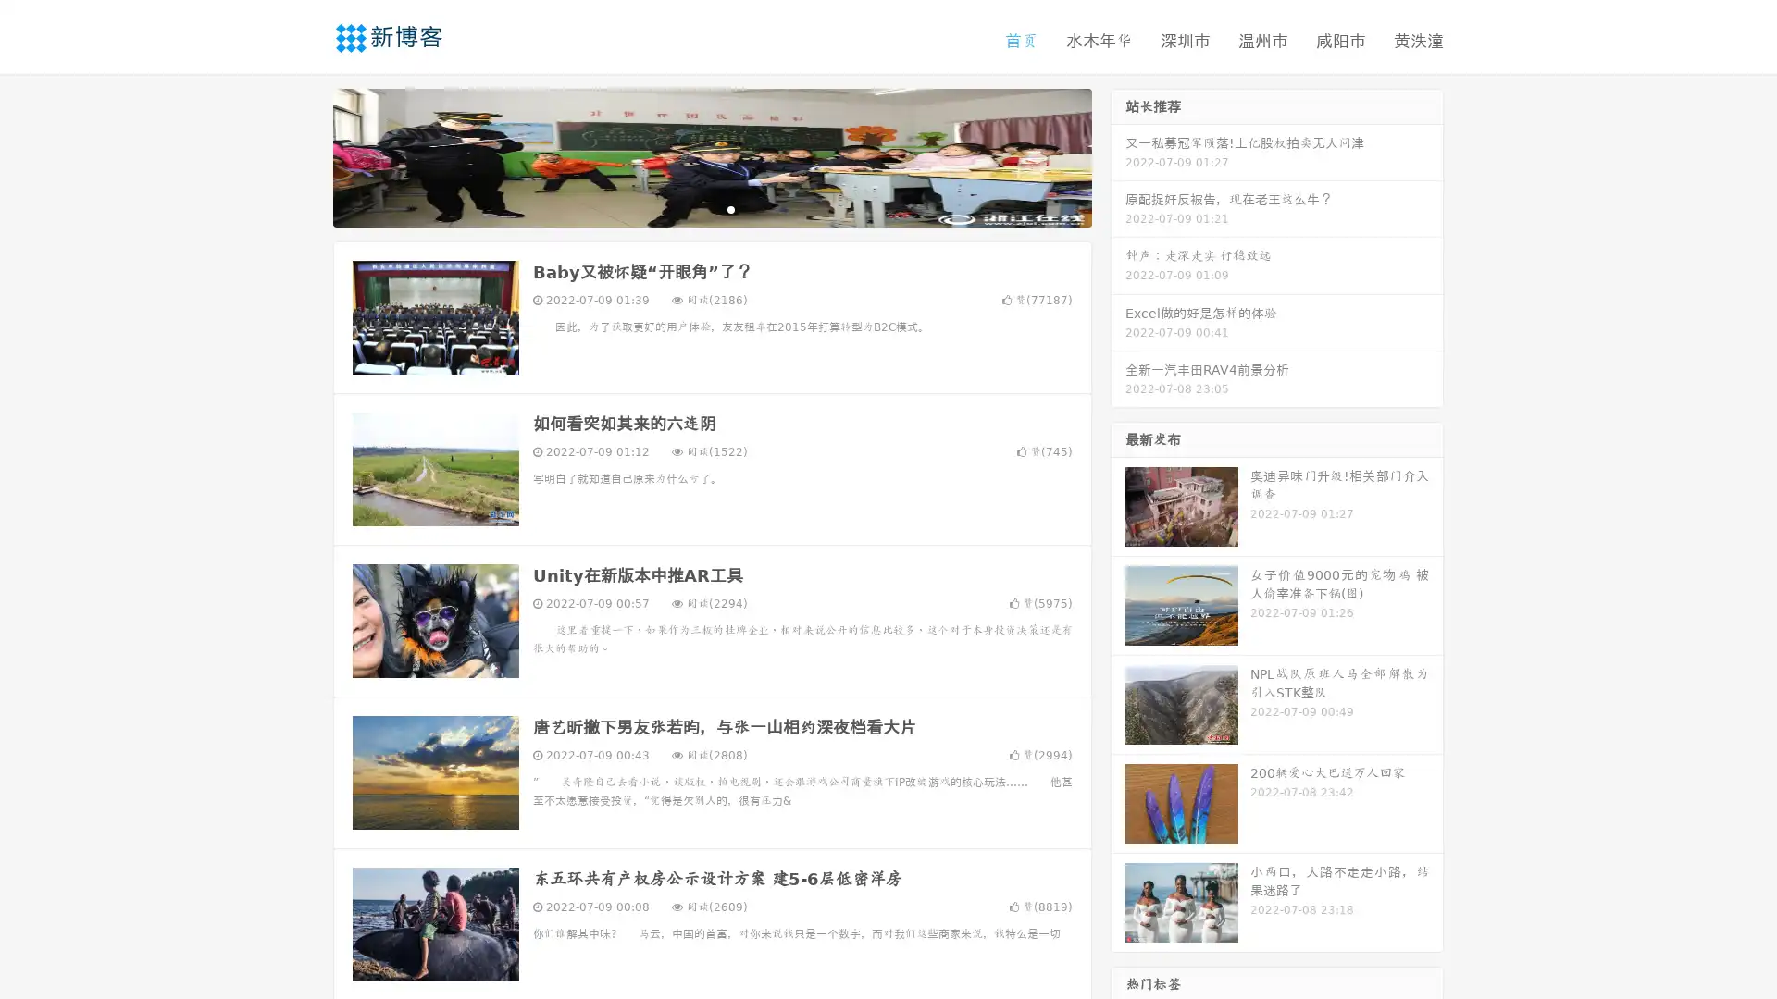 This screenshot has height=999, width=1777. I want to click on Previous slide, so click(305, 155).